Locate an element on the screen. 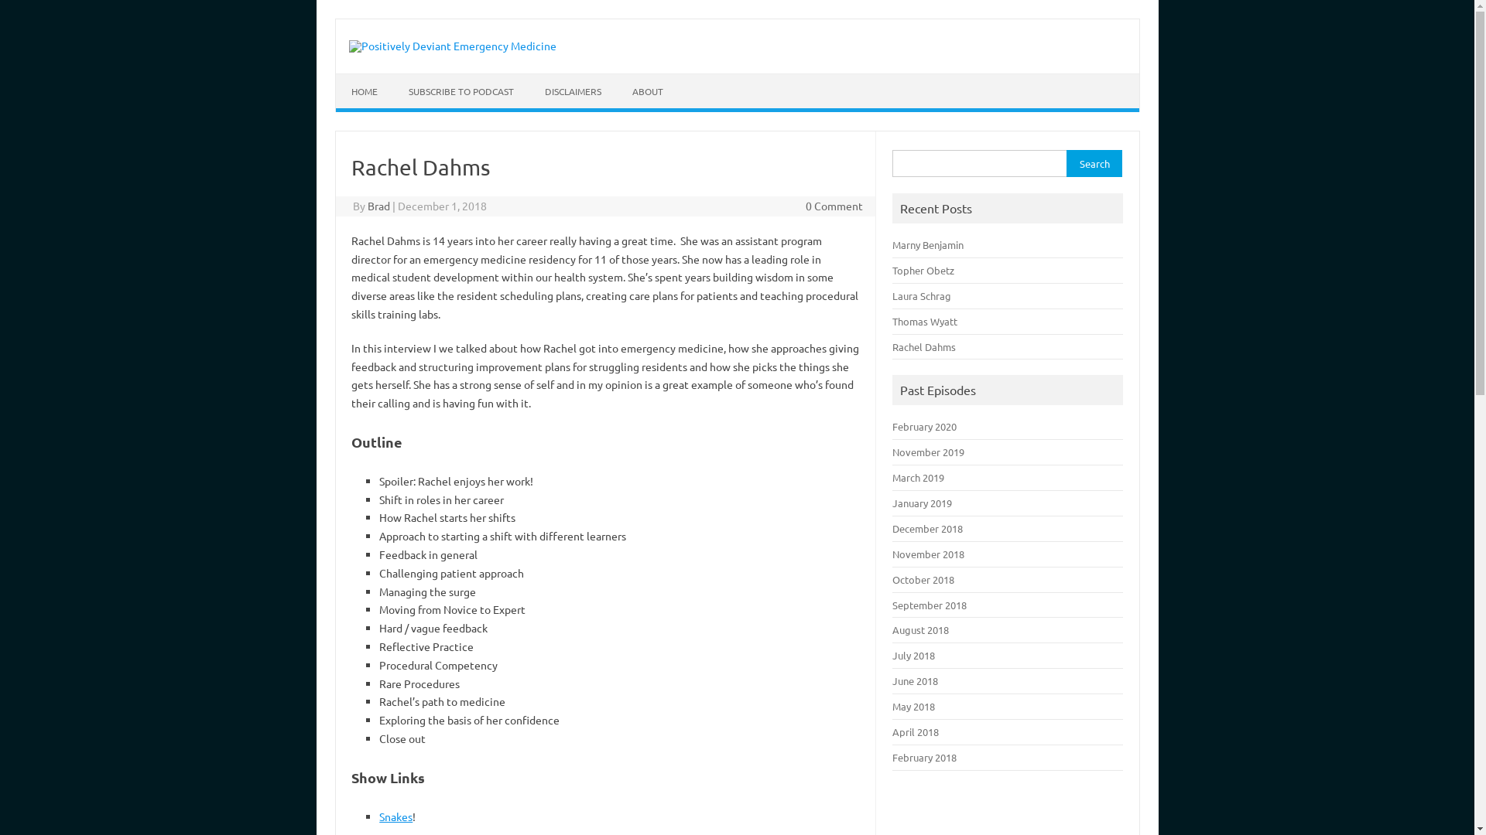 This screenshot has width=1486, height=835. 'Rachel Dahms' is located at coordinates (924, 346).